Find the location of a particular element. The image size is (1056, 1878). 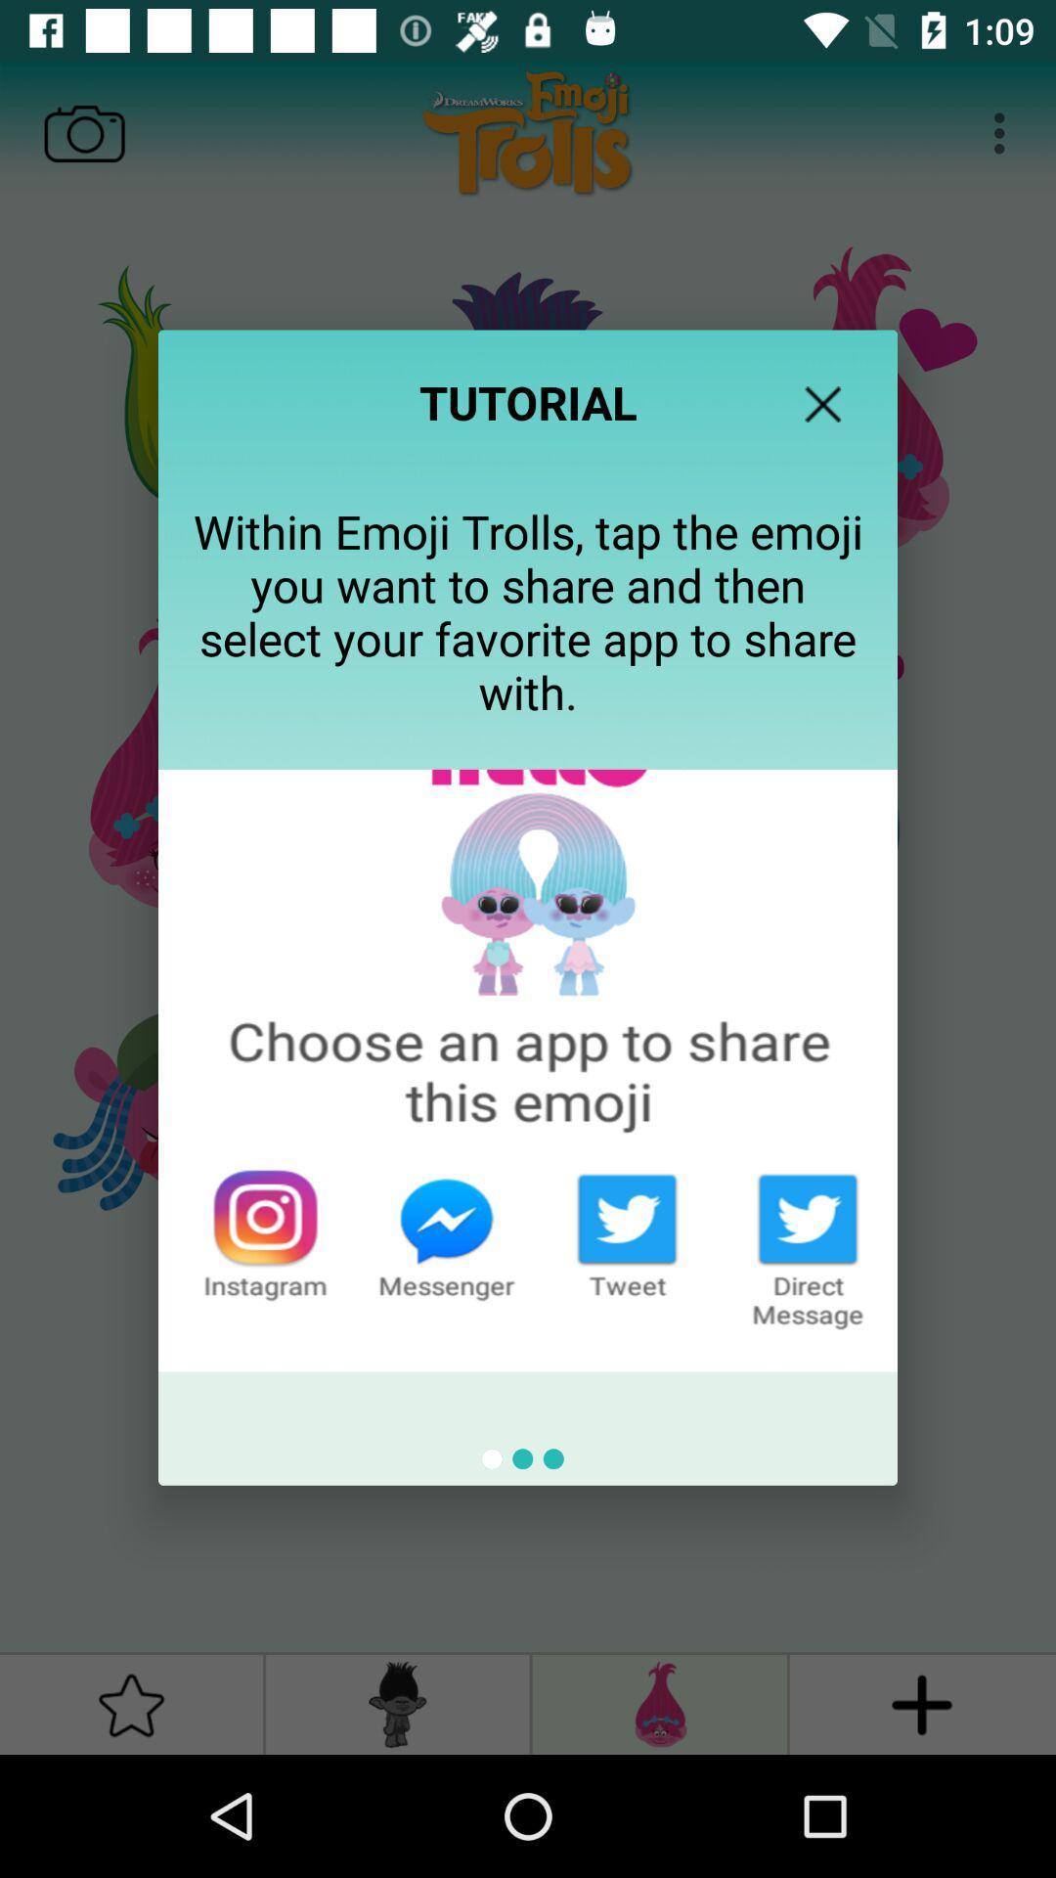

the icon above the within emoji trolls icon is located at coordinates (822, 403).